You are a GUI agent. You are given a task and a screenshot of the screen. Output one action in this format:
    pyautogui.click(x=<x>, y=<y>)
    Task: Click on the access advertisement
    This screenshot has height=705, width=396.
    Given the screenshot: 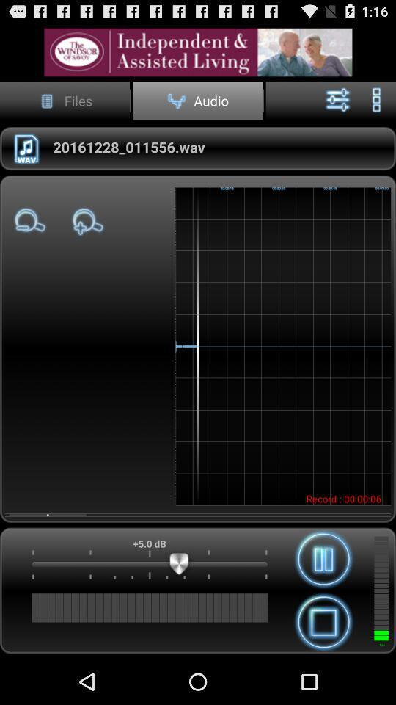 What is the action you would take?
    pyautogui.click(x=198, y=52)
    